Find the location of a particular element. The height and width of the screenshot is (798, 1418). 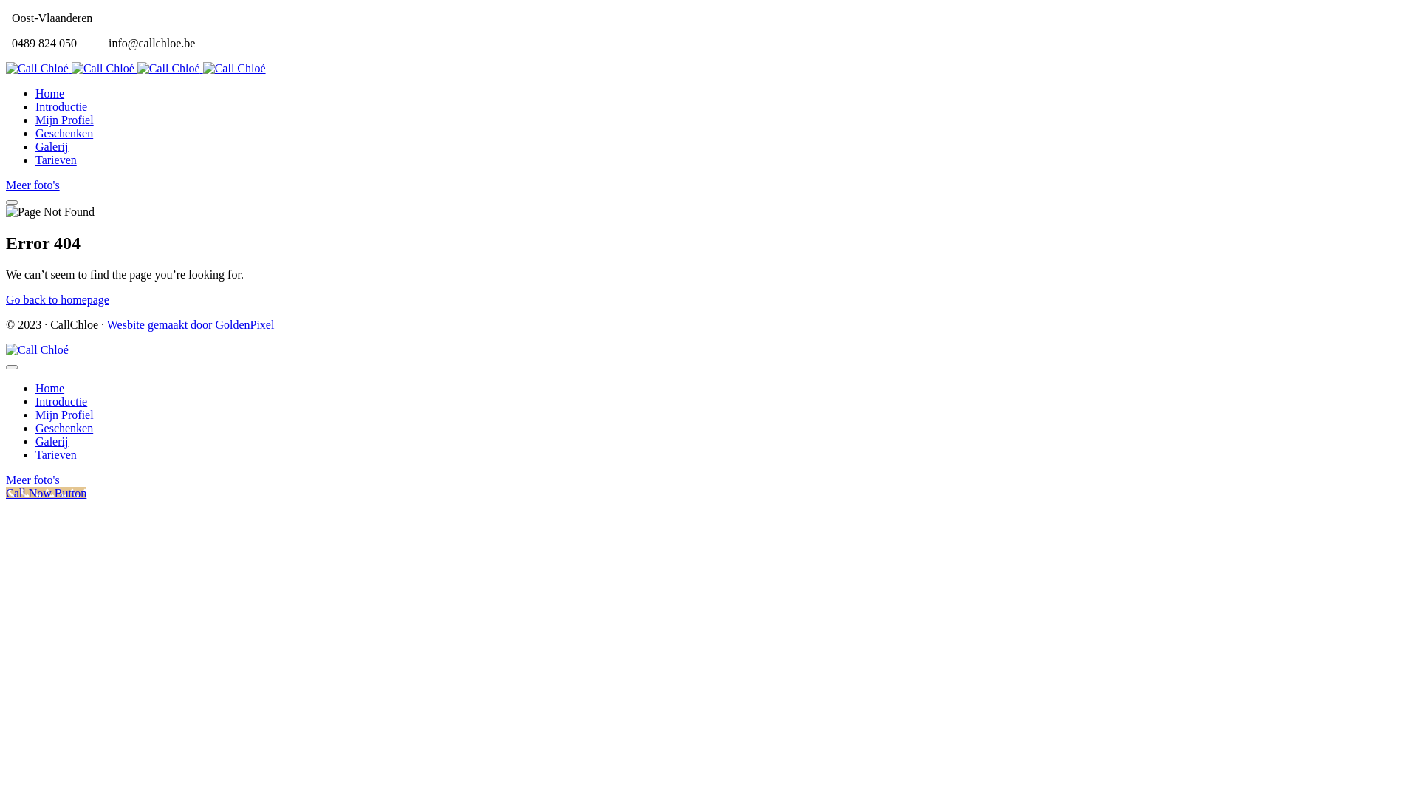

'Tarieven' is located at coordinates (56, 454).